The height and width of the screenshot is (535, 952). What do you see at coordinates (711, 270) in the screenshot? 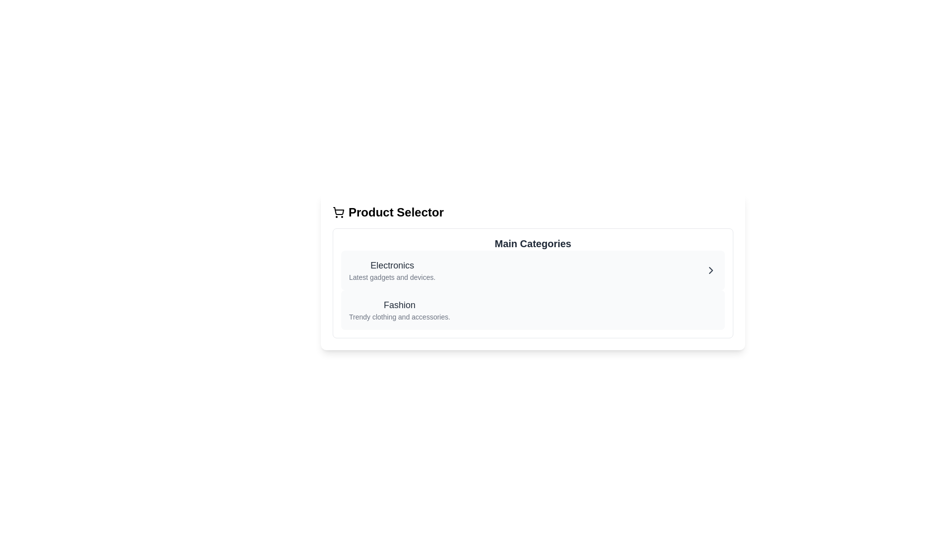
I see `the right-facing chevron icon located at the rightmost side of the 'Electronics' category card` at bounding box center [711, 270].